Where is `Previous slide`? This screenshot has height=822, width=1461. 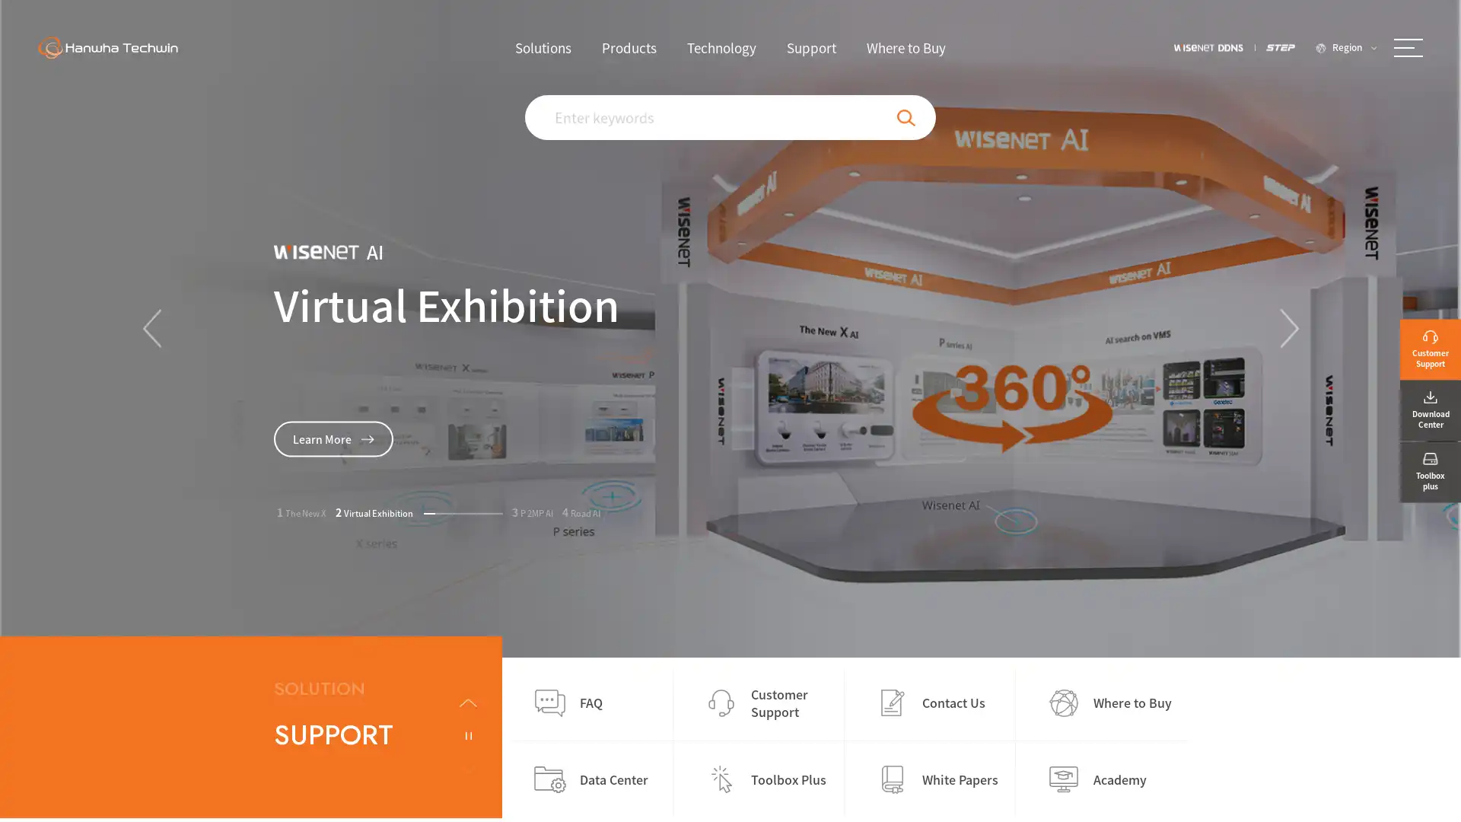 Previous slide is located at coordinates (467, 702).